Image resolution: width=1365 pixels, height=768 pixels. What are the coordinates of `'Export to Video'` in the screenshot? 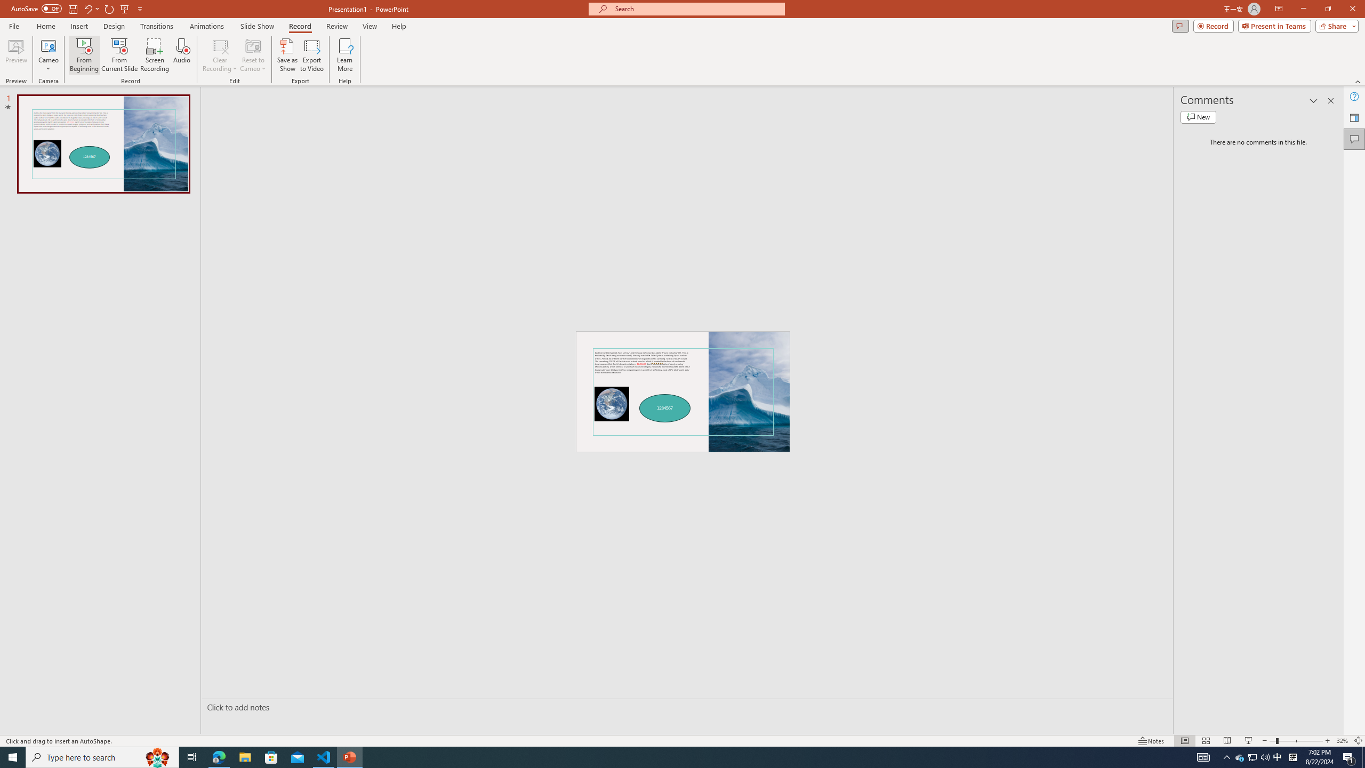 It's located at (311, 55).